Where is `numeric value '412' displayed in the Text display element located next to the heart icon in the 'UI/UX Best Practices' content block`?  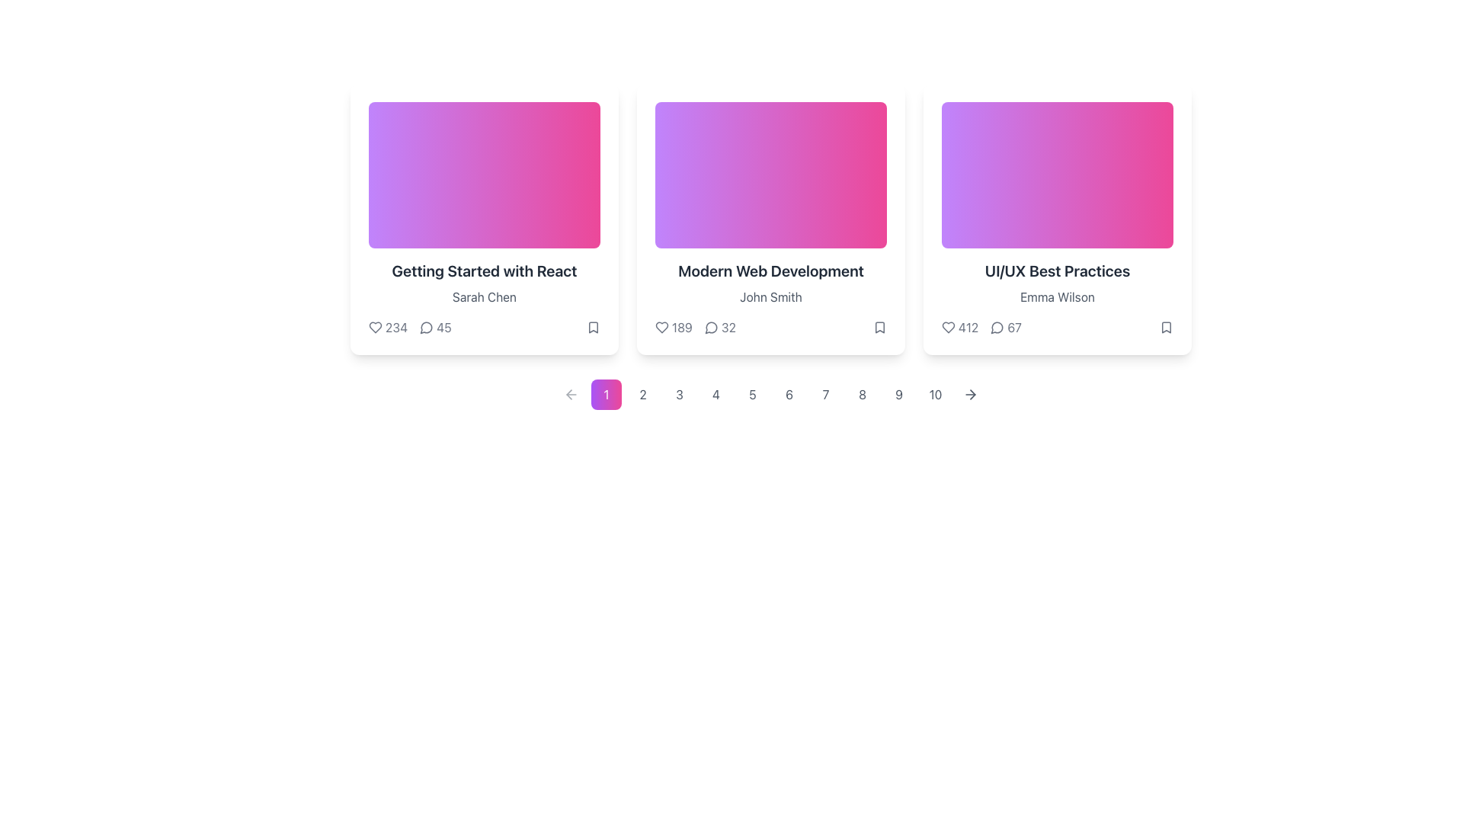
numeric value '412' displayed in the Text display element located next to the heart icon in the 'UI/UX Best Practices' content block is located at coordinates (968, 326).